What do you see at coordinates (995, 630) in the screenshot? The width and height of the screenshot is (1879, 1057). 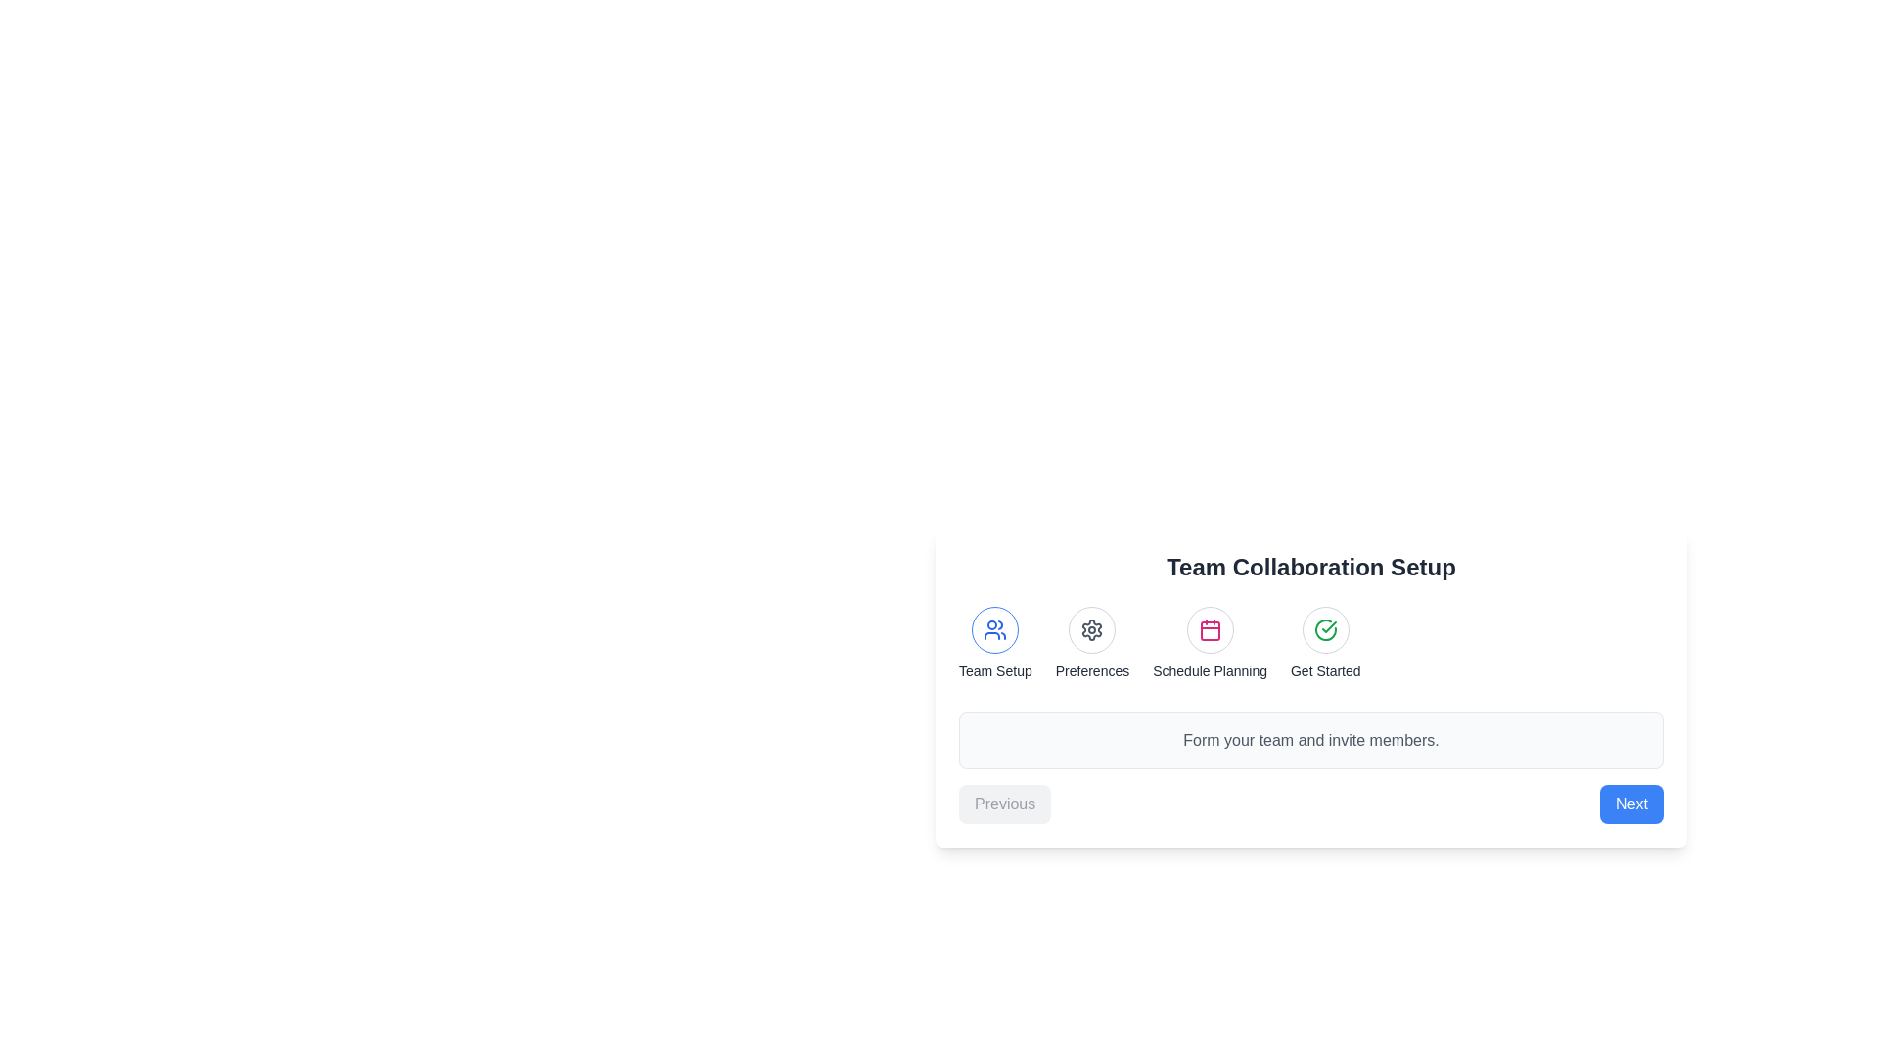 I see `the blue icon button representing a group of individuals with the label 'Team Setup'` at bounding box center [995, 630].